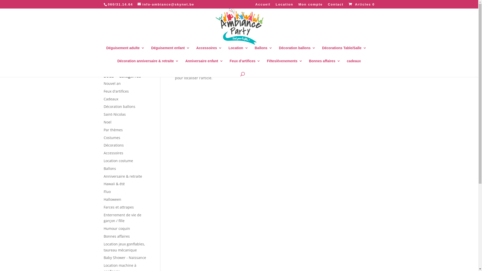 Image resolution: width=482 pixels, height=271 pixels. What do you see at coordinates (263, 51) in the screenshot?
I see `'Ballons'` at bounding box center [263, 51].